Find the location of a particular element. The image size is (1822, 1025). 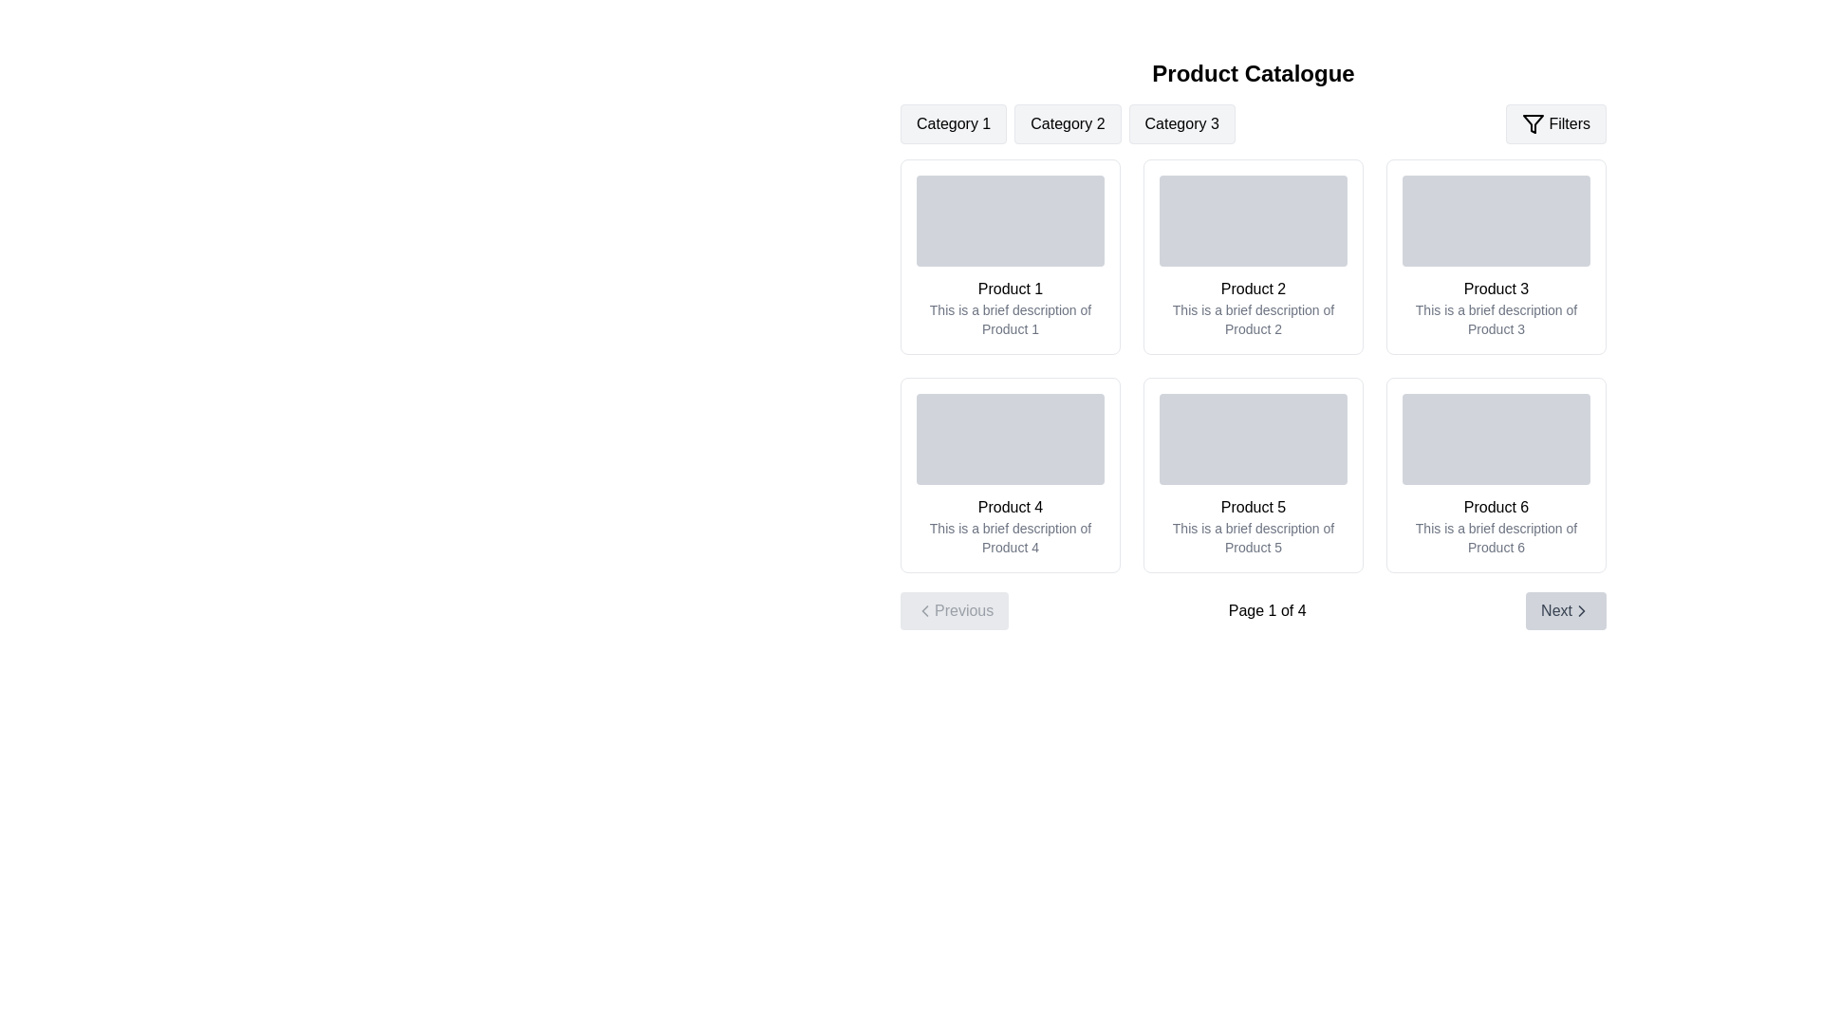

header label that displays 'Product Catalogue', which is a bold text label positioned at the top of the page content area is located at coordinates (1253, 72).